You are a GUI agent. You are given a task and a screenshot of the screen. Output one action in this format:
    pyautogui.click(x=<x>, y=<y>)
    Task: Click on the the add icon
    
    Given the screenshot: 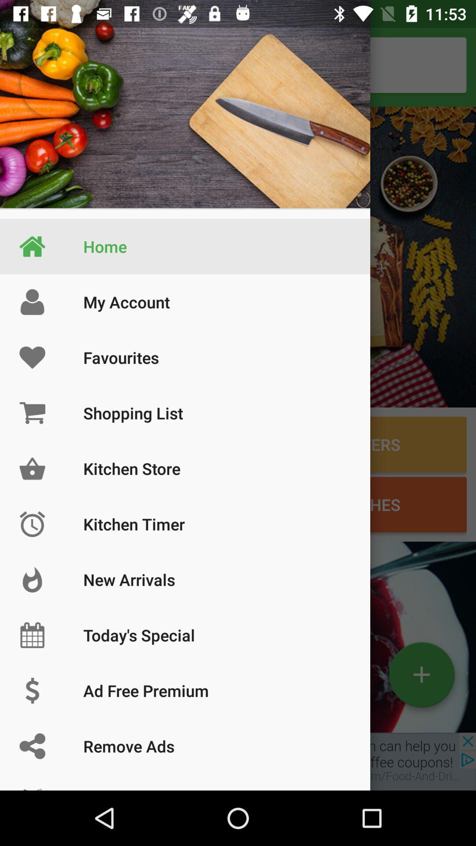 What is the action you would take?
    pyautogui.click(x=421, y=678)
    